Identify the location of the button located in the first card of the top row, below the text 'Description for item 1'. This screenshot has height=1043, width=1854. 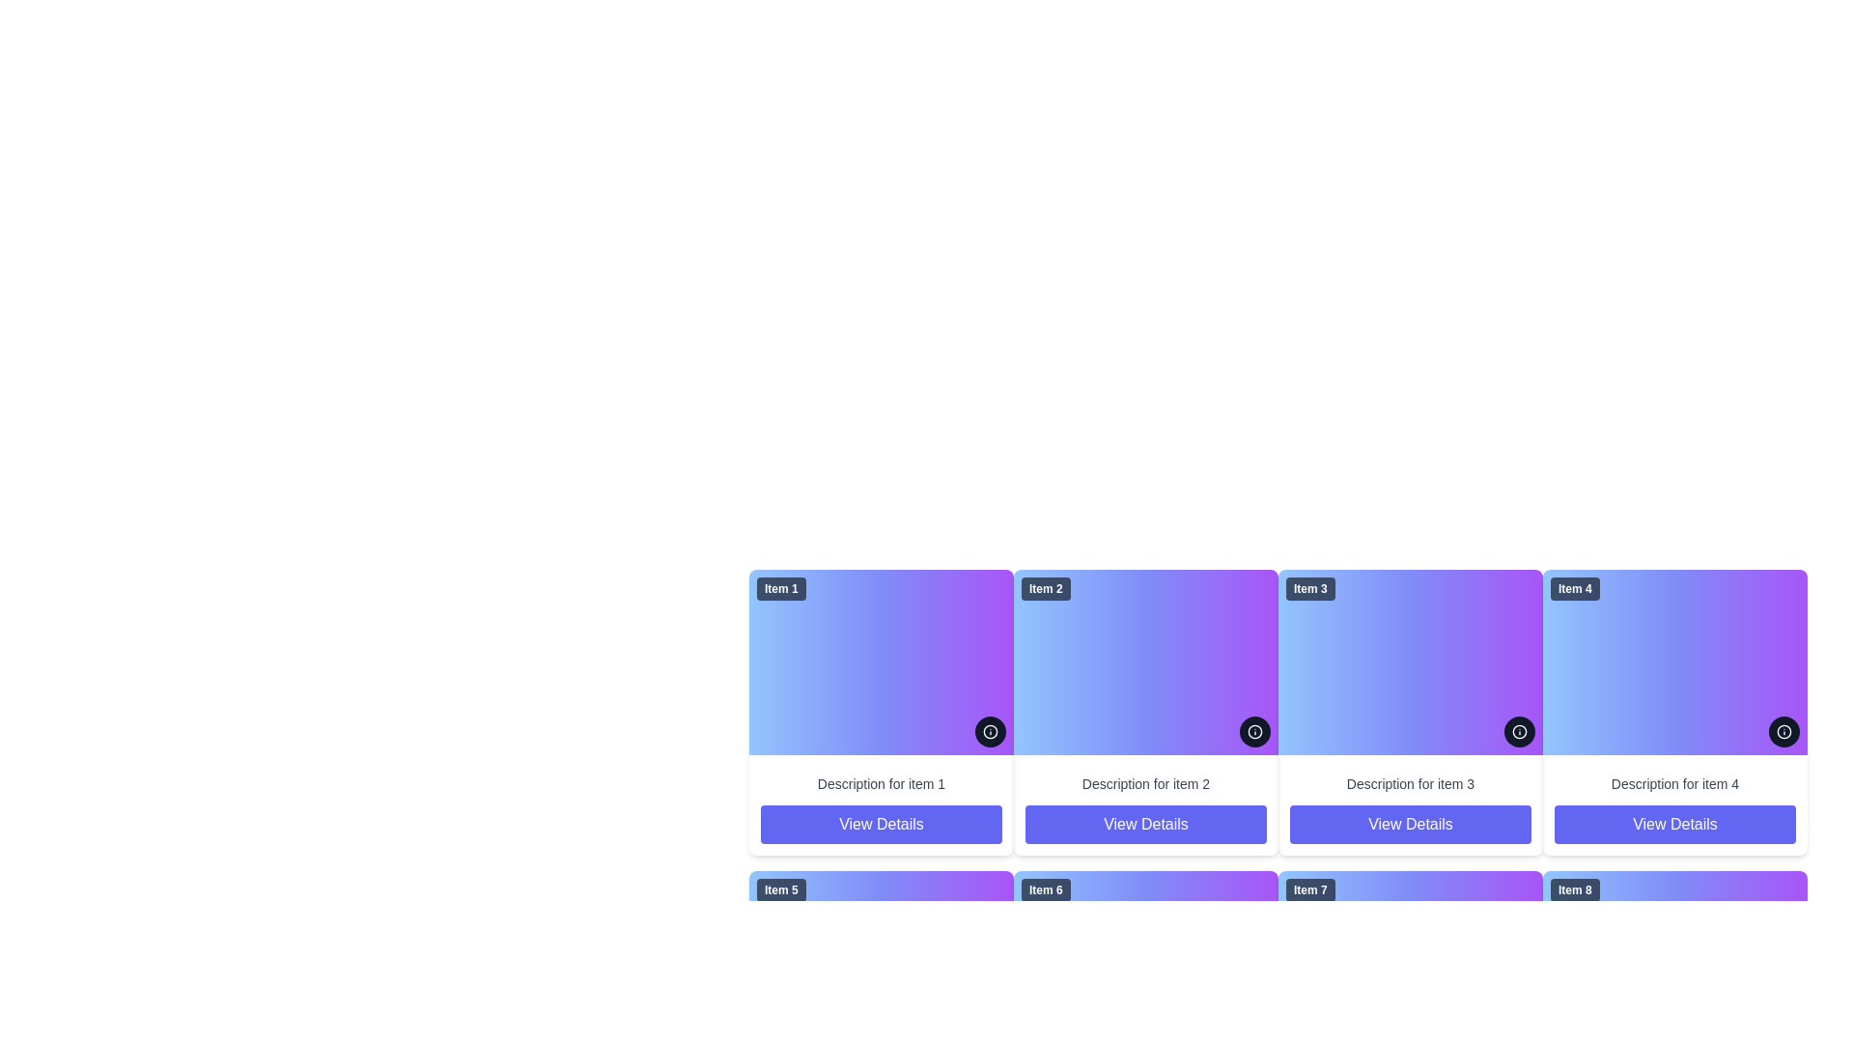
(880, 824).